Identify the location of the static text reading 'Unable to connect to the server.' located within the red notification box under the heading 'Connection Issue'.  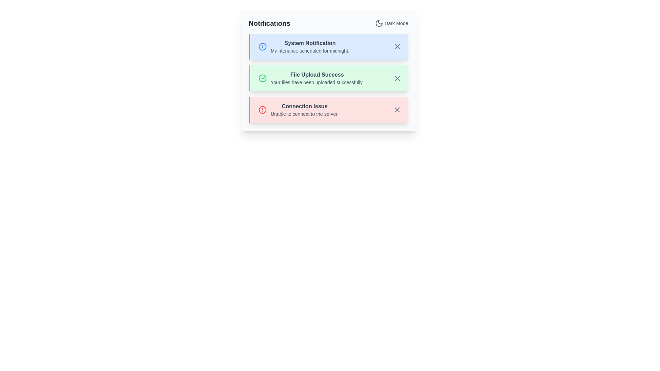
(304, 113).